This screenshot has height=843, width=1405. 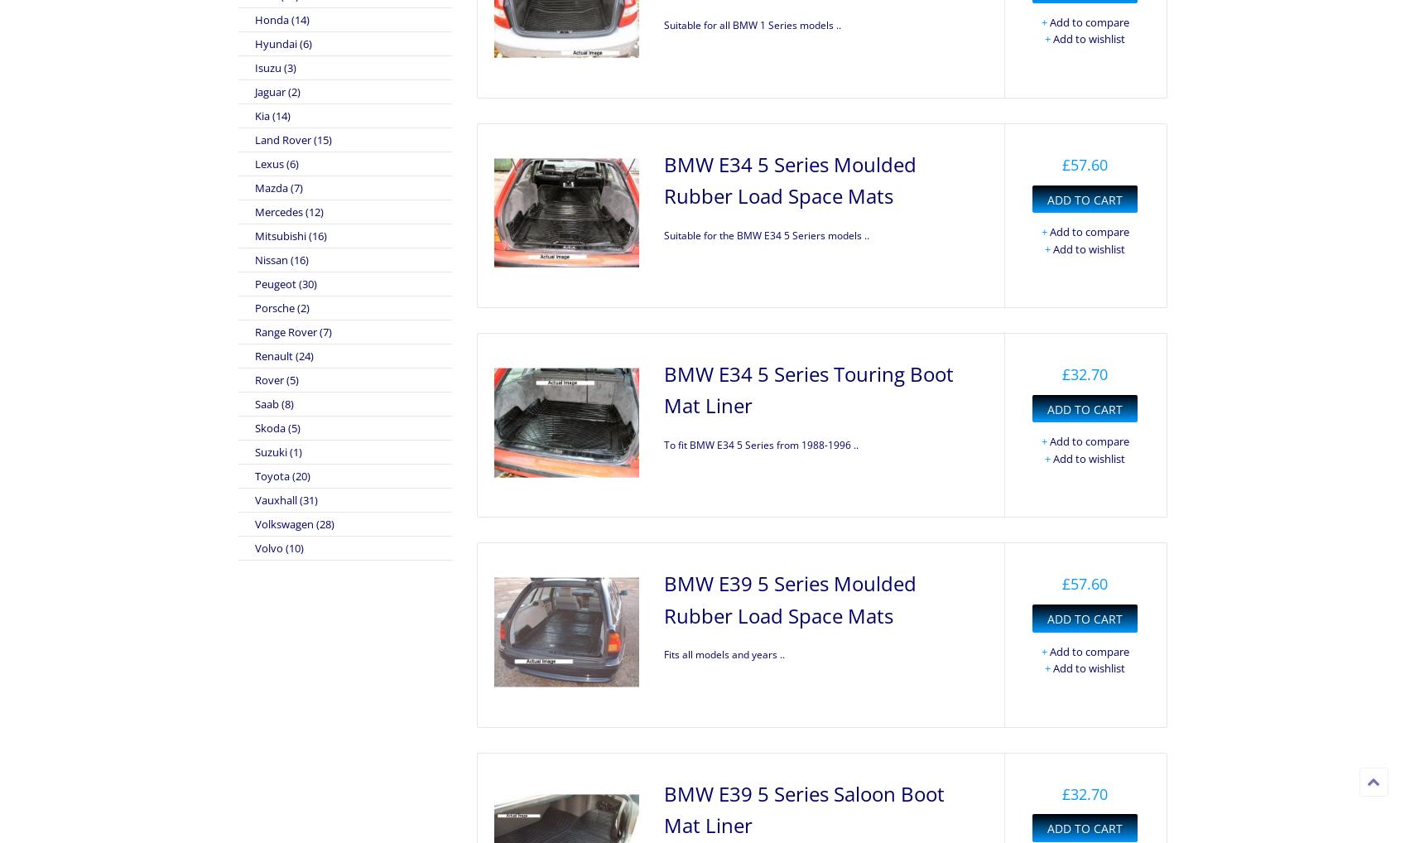 I want to click on 'Peugeot (30)', so click(x=285, y=282).